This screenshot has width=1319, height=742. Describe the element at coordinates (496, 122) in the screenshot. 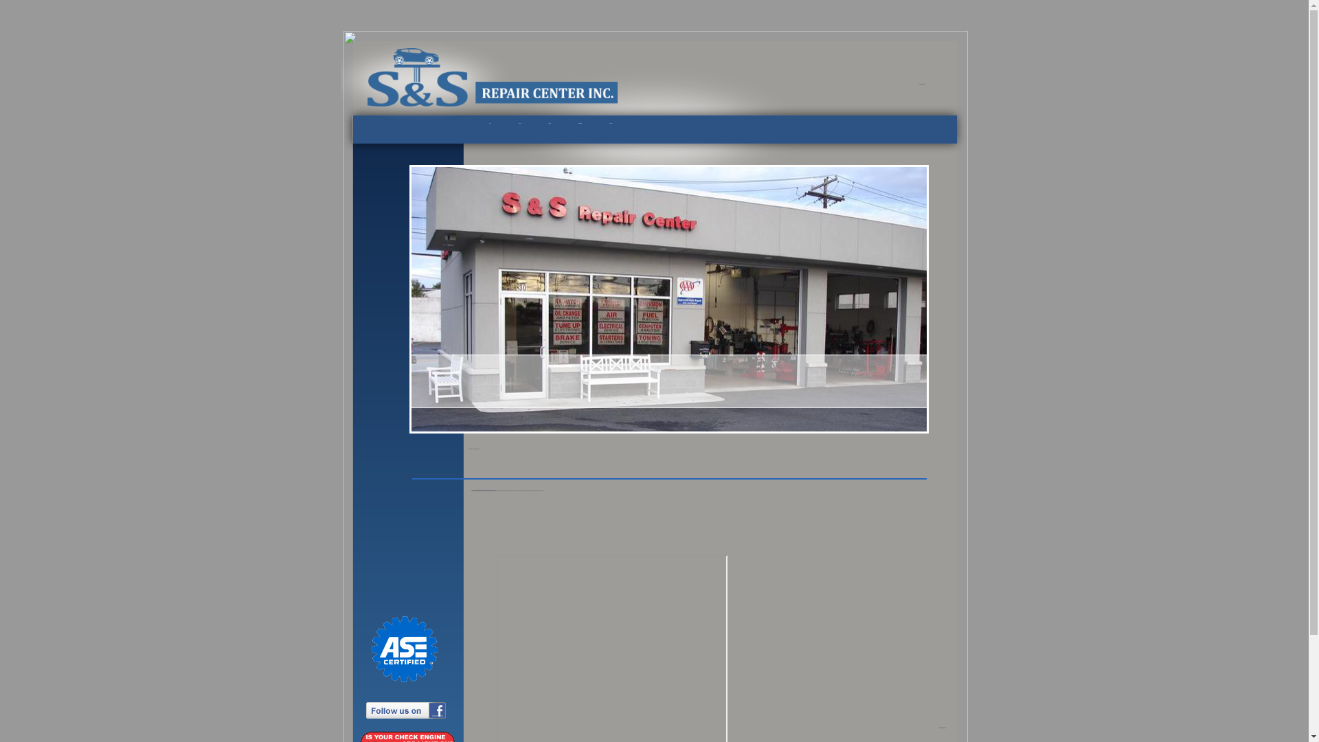

I see `'Home'` at that location.